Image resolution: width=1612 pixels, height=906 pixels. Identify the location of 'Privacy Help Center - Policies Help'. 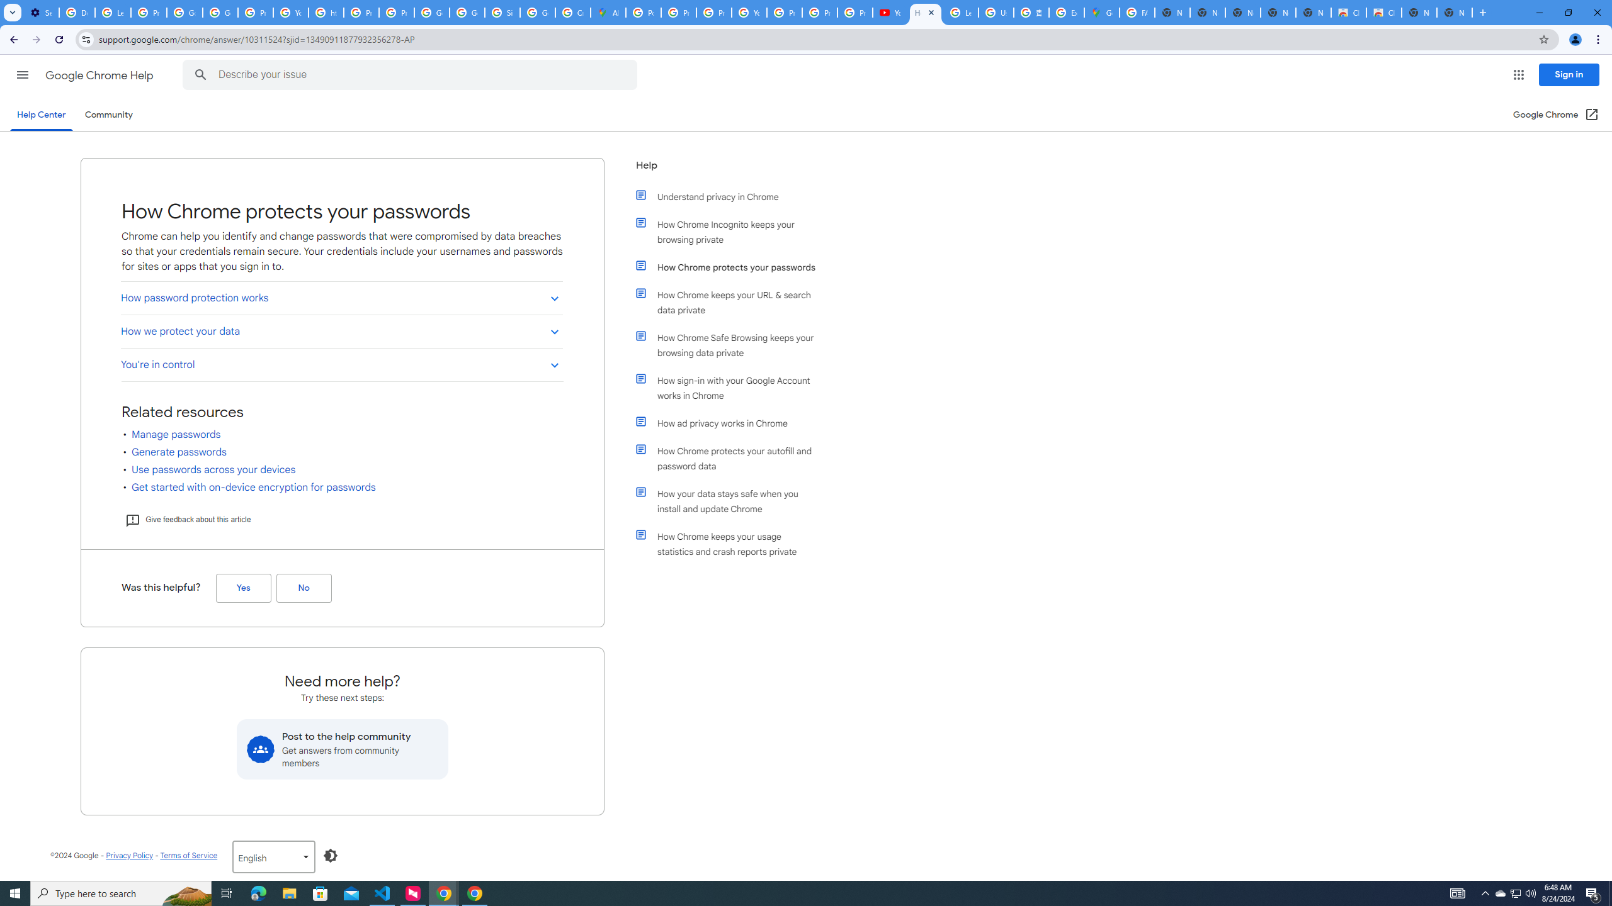
(713, 12).